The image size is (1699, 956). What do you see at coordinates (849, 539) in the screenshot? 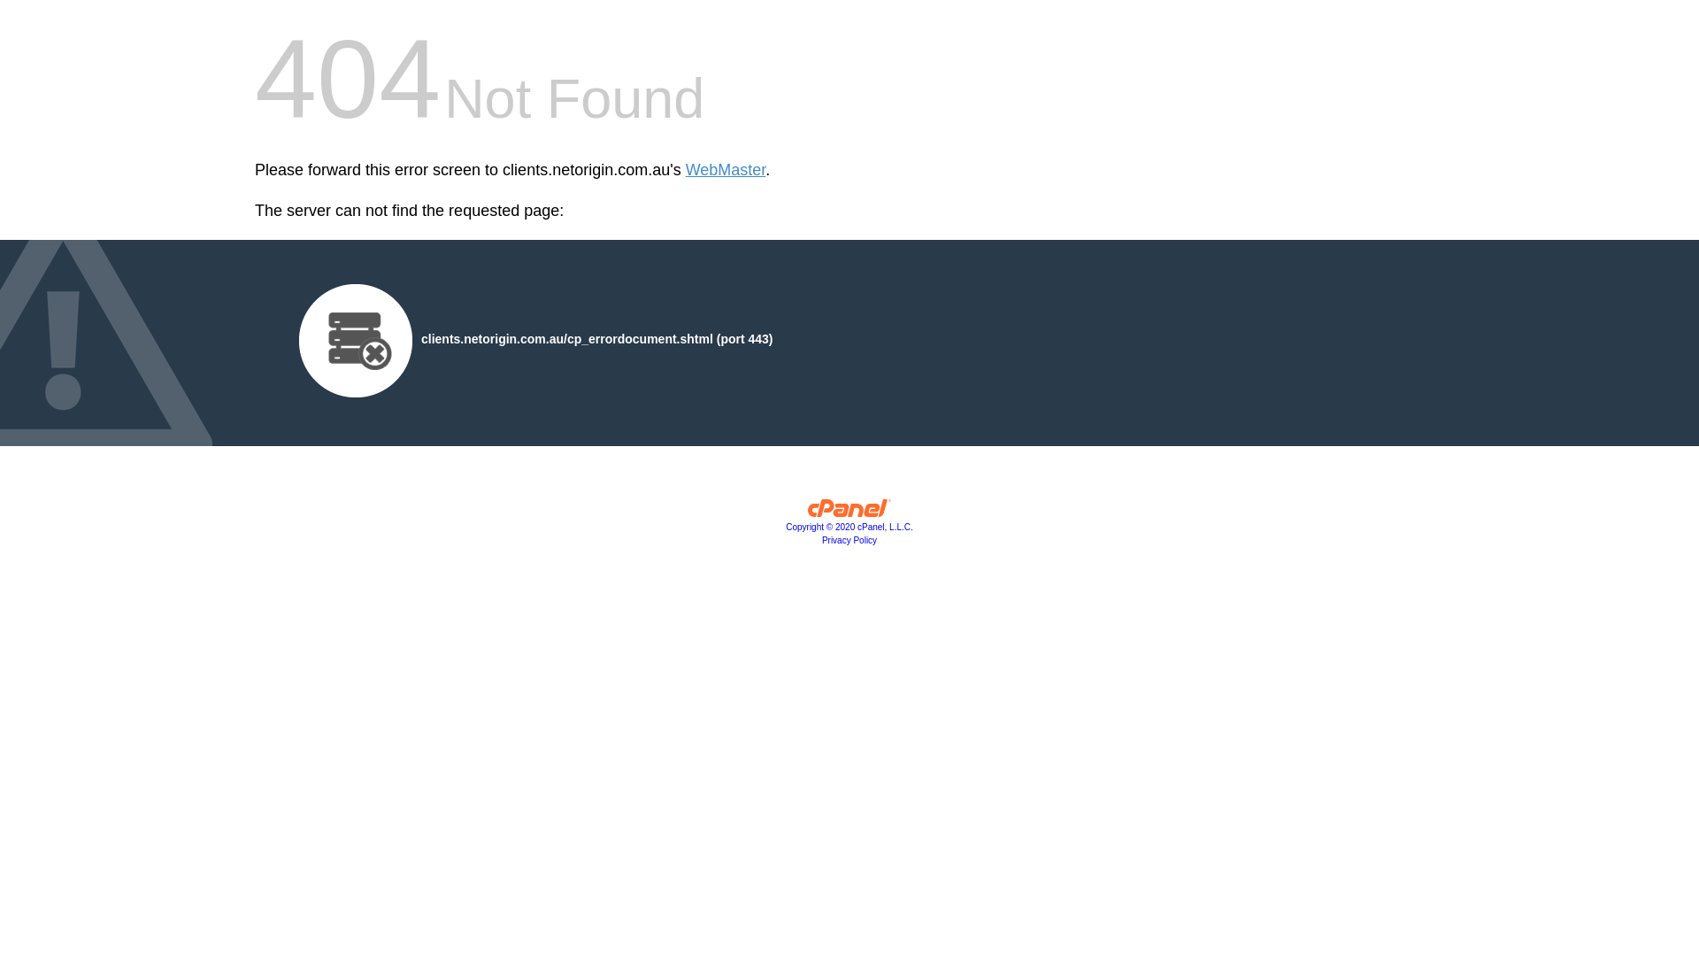
I see `'Privacy Policy'` at bounding box center [849, 539].